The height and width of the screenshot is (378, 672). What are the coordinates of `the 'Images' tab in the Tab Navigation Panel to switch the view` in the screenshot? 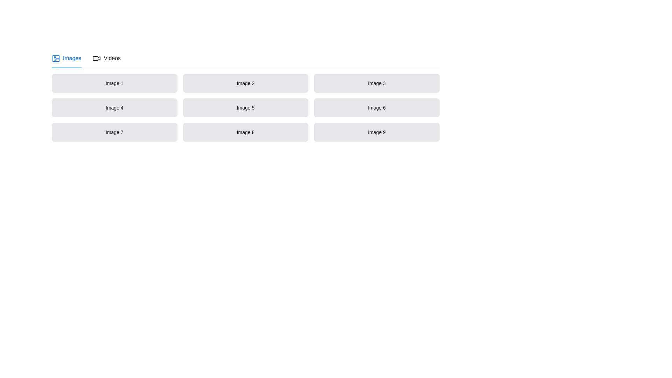 It's located at (245, 57).